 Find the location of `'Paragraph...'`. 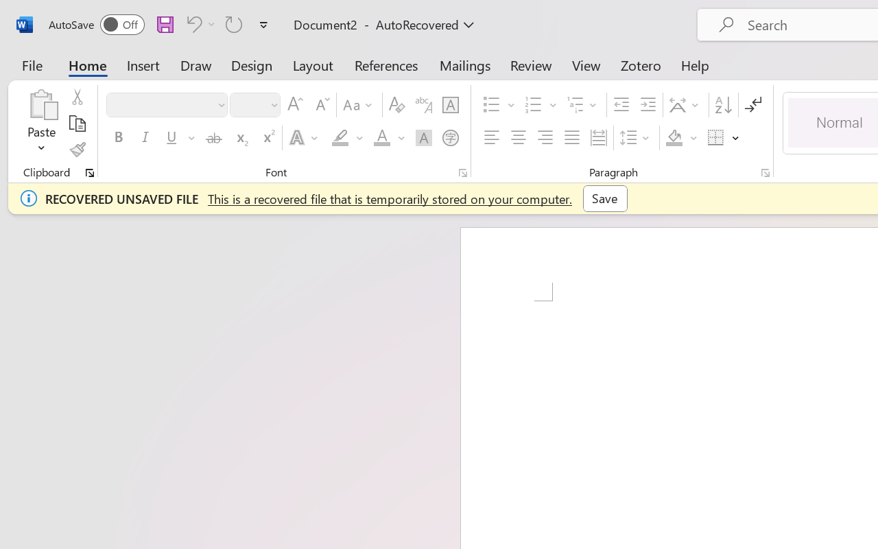

'Paragraph...' is located at coordinates (764, 172).